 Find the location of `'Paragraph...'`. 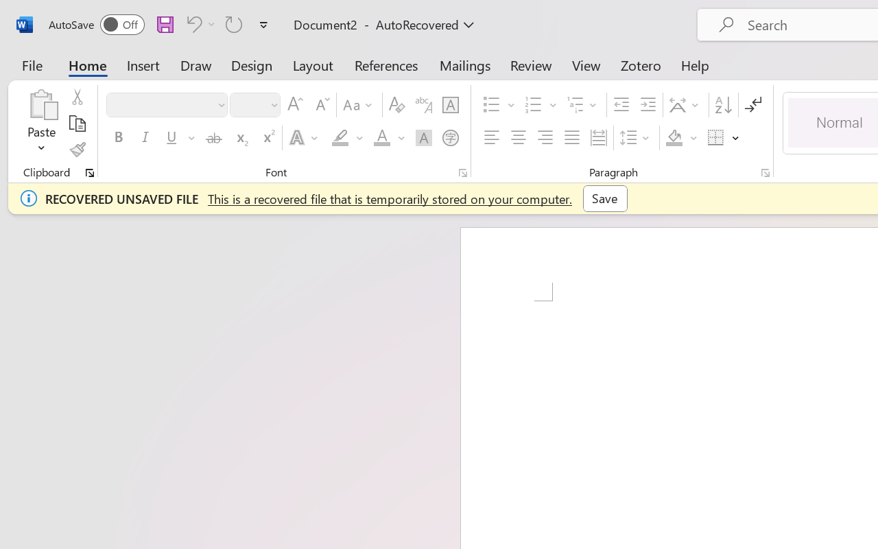

'Paragraph...' is located at coordinates (764, 172).